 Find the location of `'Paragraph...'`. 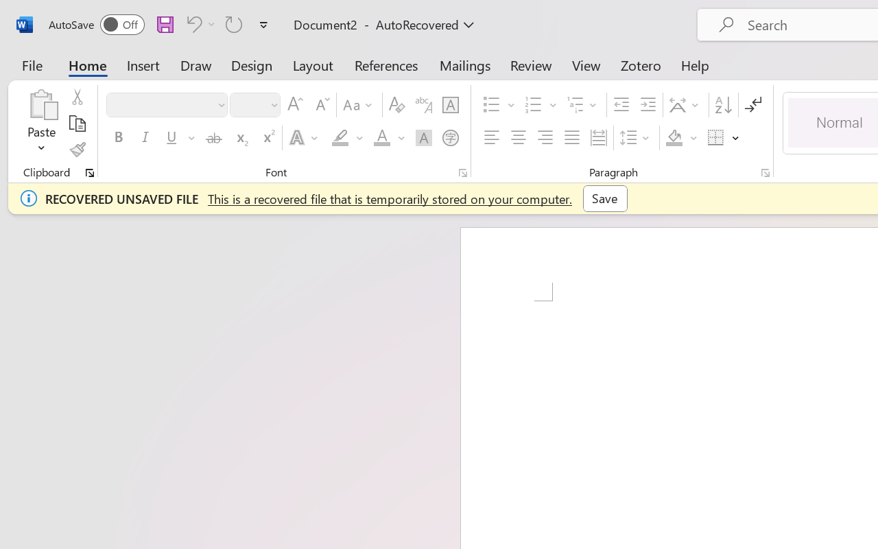

'Paragraph...' is located at coordinates (764, 172).